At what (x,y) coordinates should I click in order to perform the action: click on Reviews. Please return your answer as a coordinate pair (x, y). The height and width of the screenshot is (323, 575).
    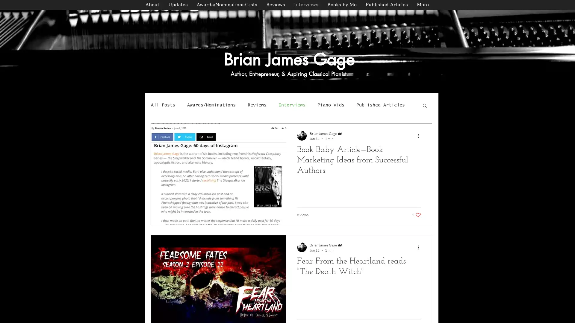
    Looking at the image, I should click on (257, 105).